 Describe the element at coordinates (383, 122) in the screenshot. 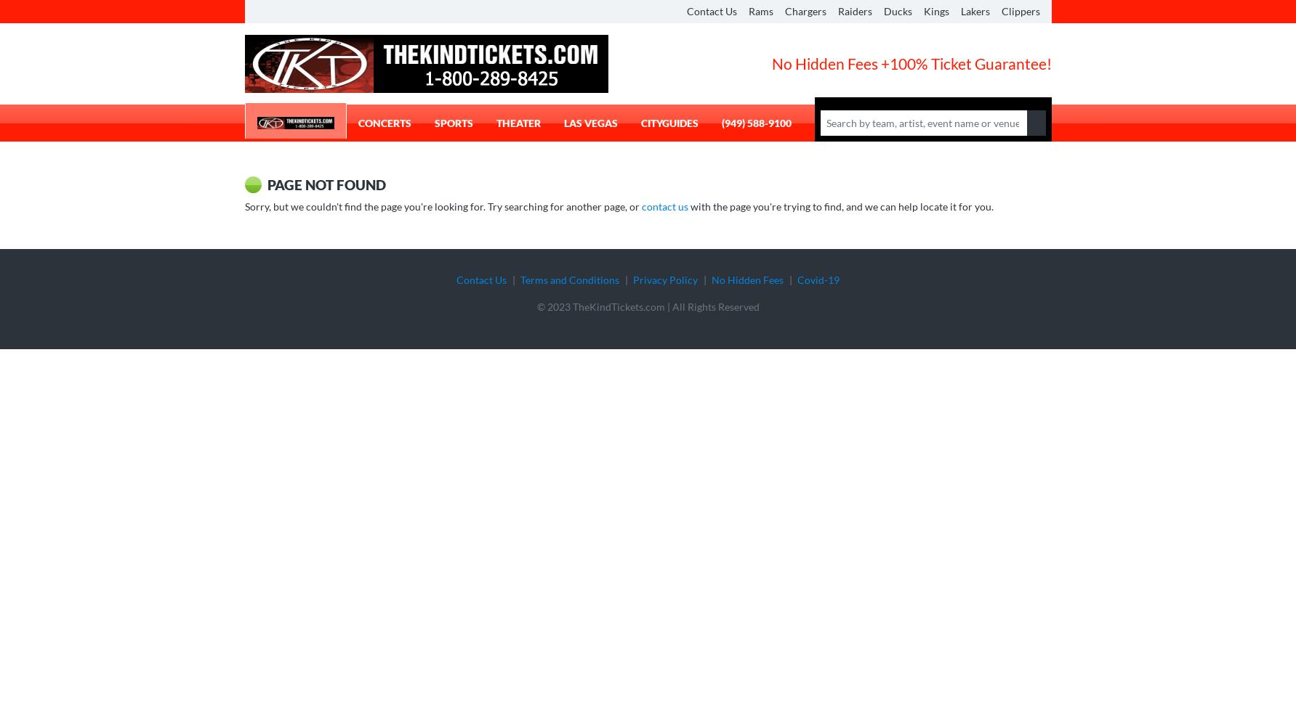

I see `'Concerts'` at that location.